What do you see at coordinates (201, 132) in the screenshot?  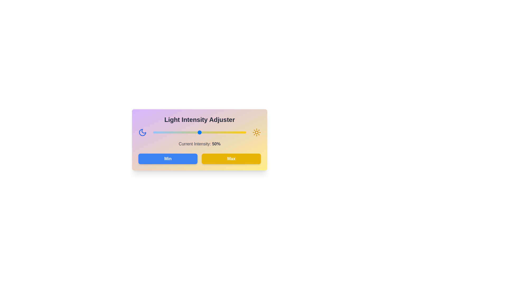 I see `the light intensity to 52% using the slider` at bounding box center [201, 132].